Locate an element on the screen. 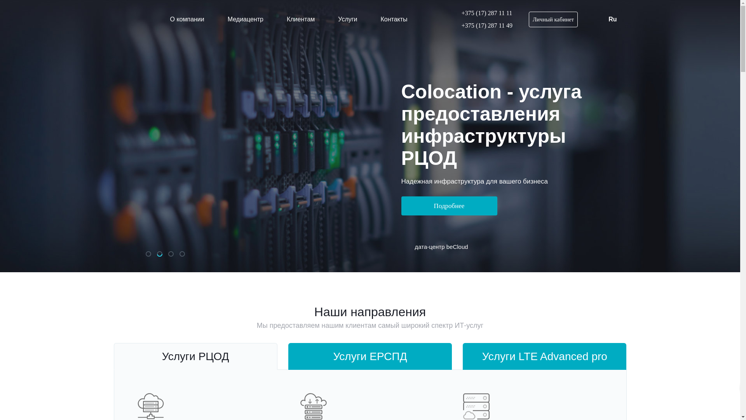 Image resolution: width=746 pixels, height=420 pixels. '+375 (17) 287 11 11' is located at coordinates (482, 13).